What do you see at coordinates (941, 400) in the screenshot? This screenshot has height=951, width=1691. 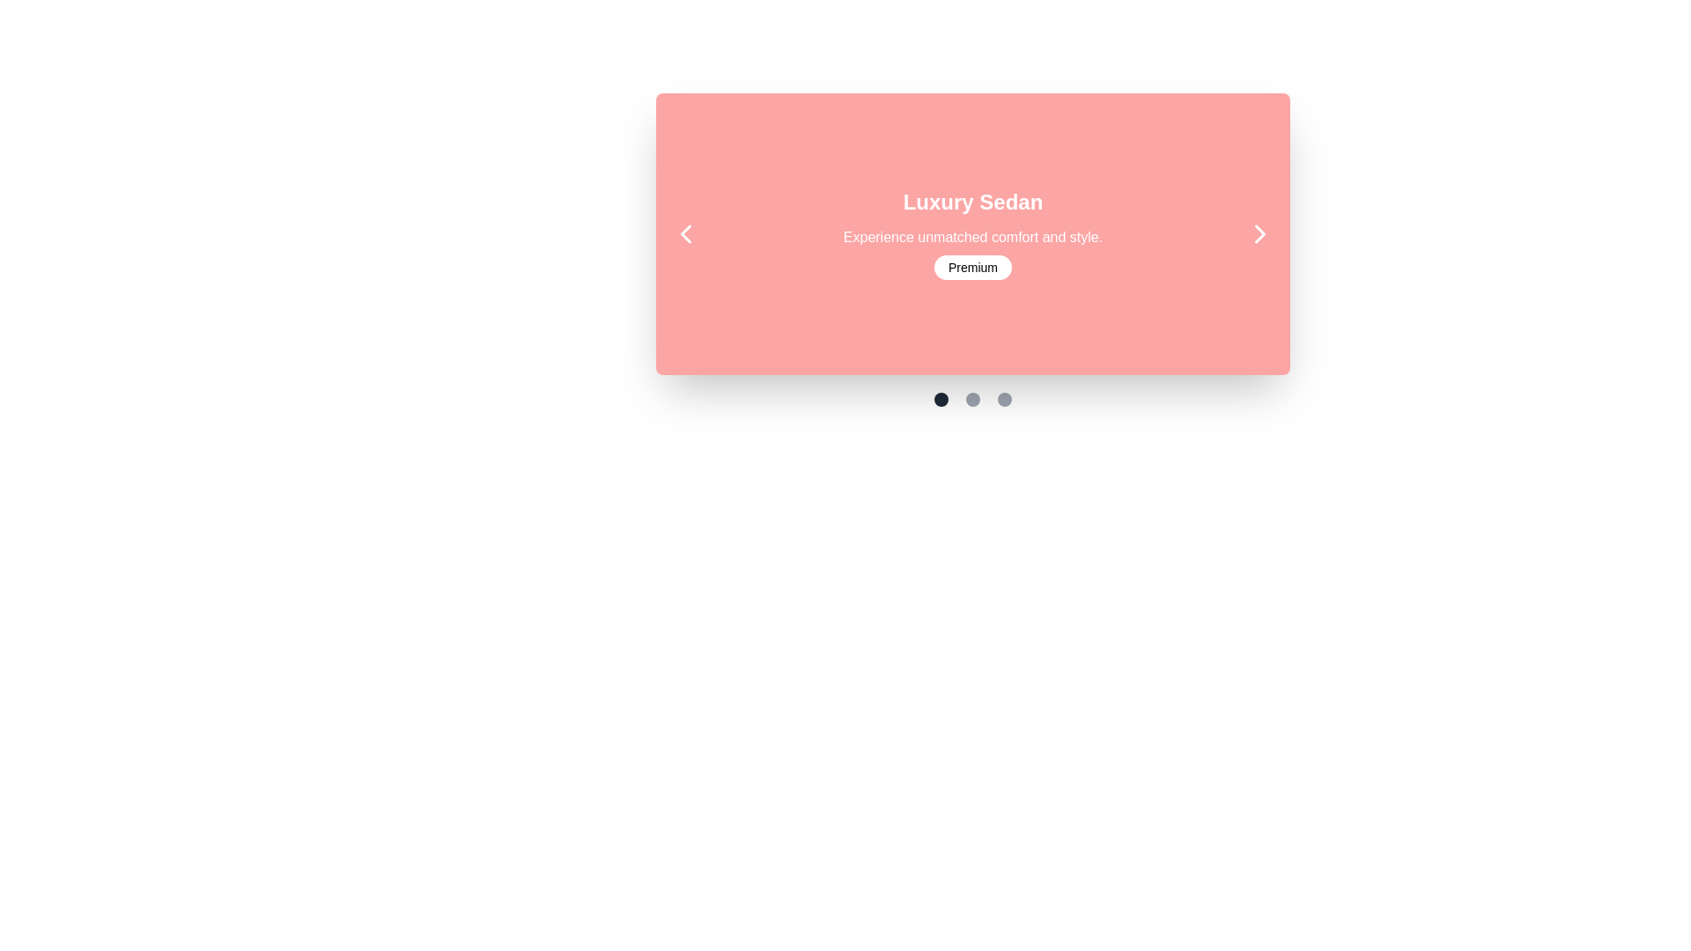 I see `the first circular navigation button located at the bottom-center of the interface beneath the 'Luxury Sedan' content card` at bounding box center [941, 400].